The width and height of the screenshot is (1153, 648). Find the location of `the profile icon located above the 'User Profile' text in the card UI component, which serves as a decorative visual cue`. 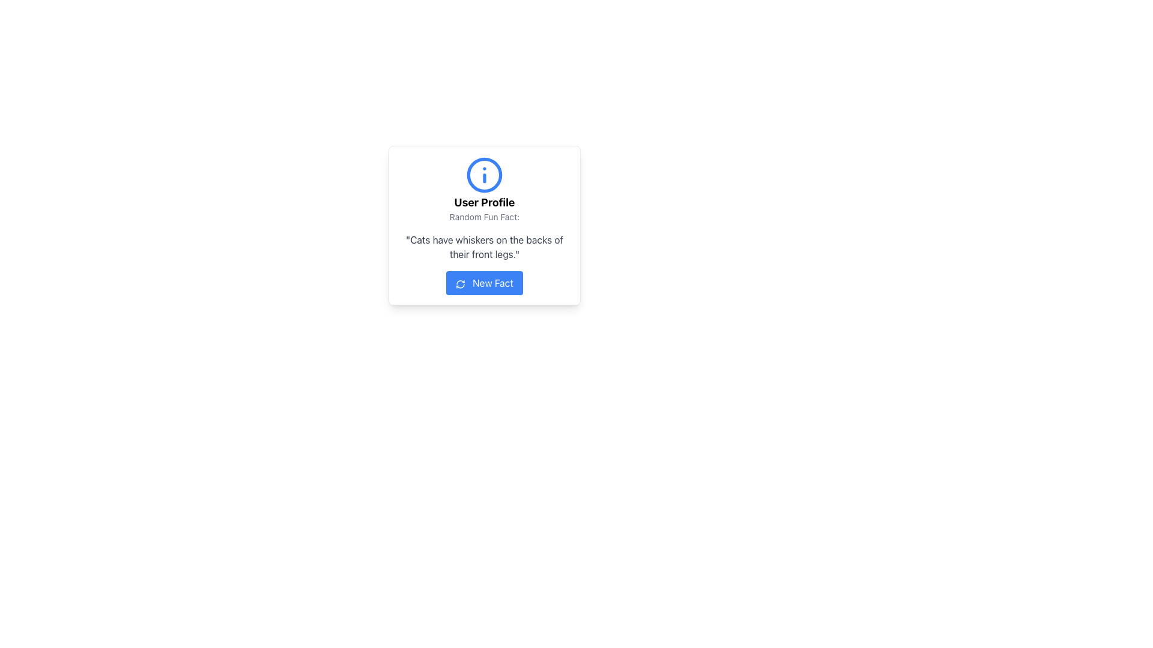

the profile icon located above the 'User Profile' text in the card UI component, which serves as a decorative visual cue is located at coordinates (484, 175).